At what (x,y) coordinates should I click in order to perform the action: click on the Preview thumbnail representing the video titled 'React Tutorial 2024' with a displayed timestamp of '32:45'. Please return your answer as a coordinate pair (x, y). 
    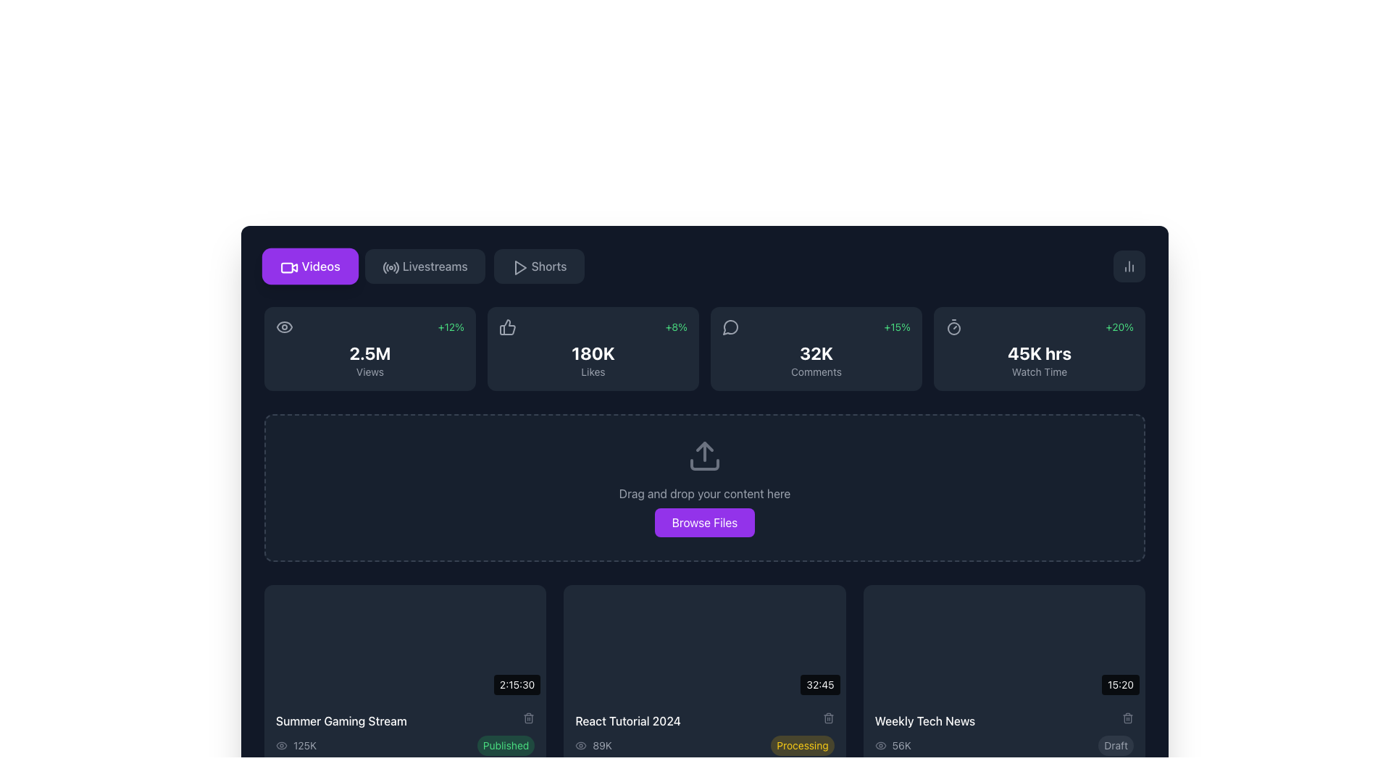
    Looking at the image, I should click on (705, 642).